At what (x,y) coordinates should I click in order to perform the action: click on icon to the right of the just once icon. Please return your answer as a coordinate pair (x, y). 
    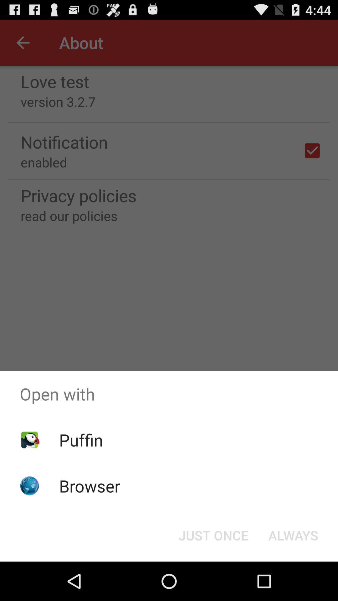
    Looking at the image, I should click on (293, 535).